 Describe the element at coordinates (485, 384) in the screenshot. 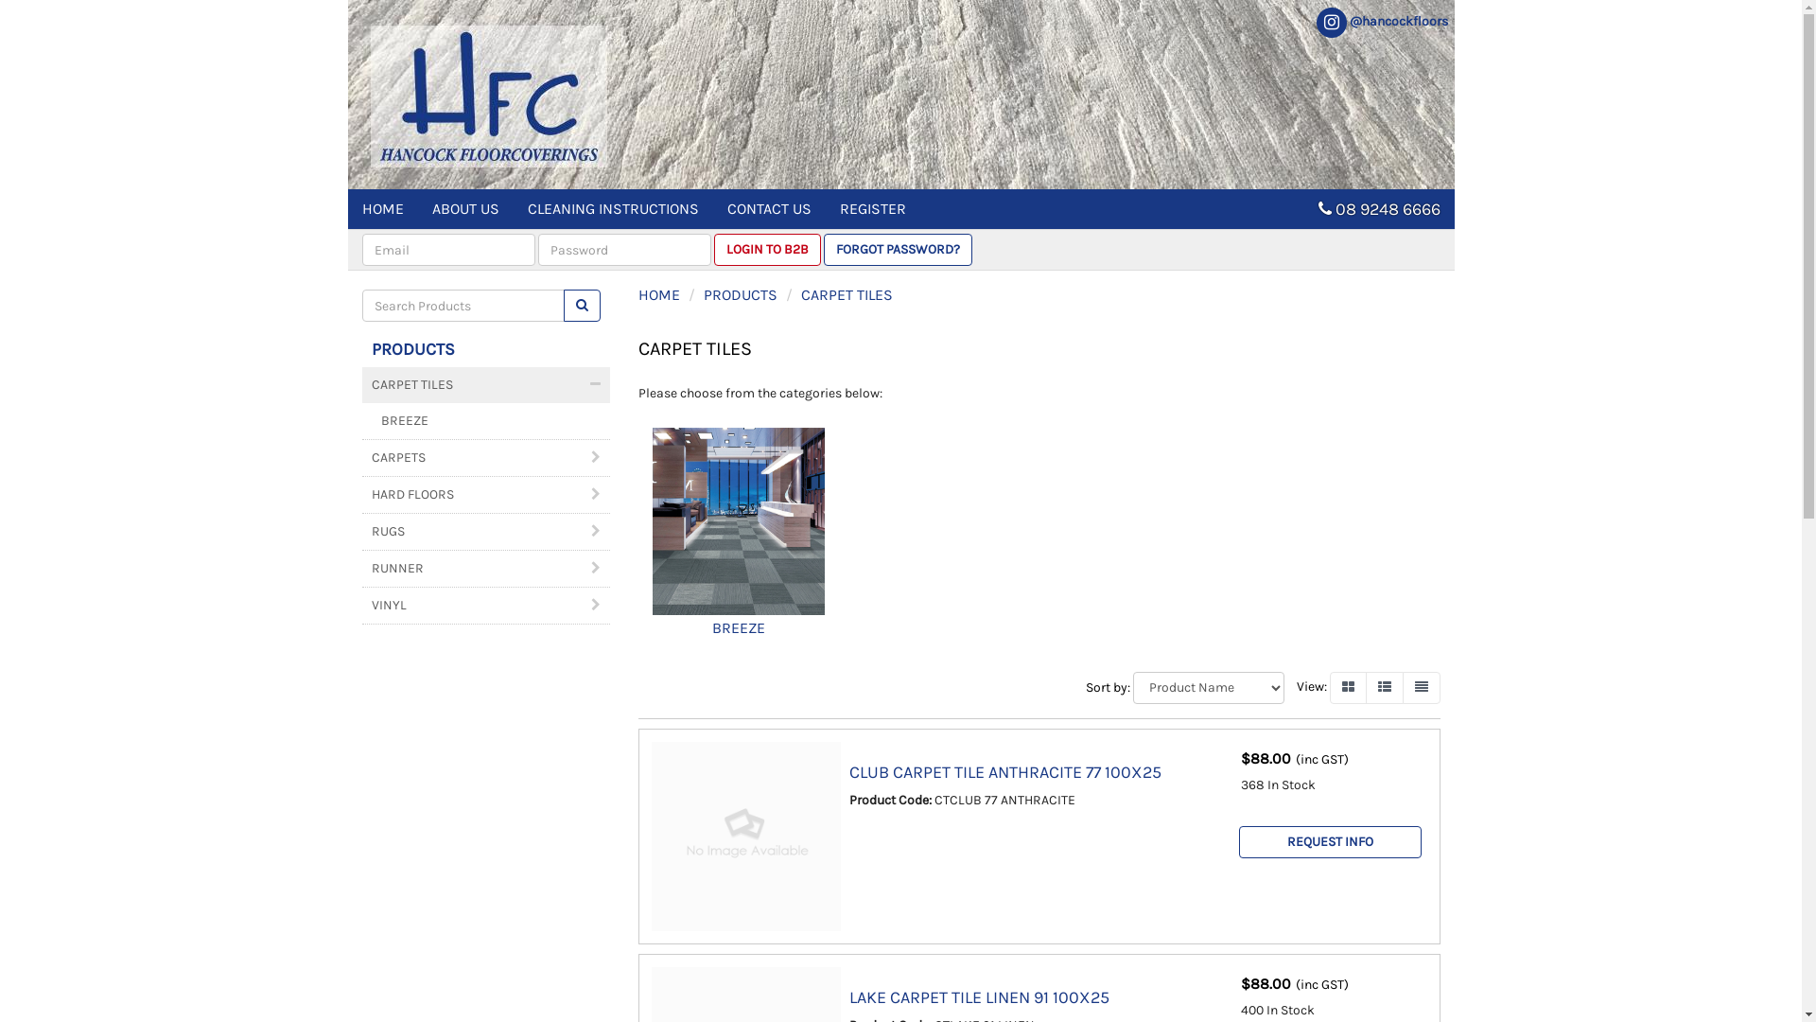

I see `'CARPET TILES'` at that location.